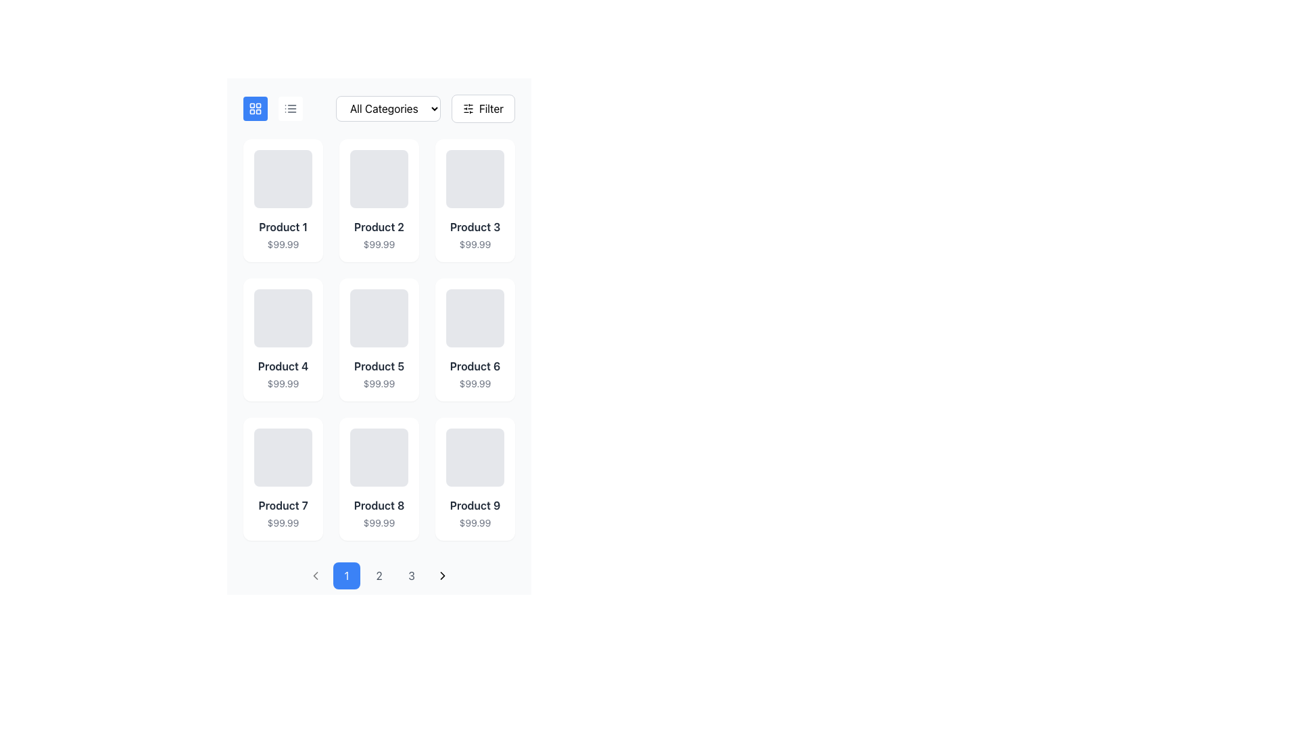  What do you see at coordinates (475, 374) in the screenshot?
I see `price information from the Text Display Component located in the third column of the second row of the product grid, which displays details about the product` at bounding box center [475, 374].